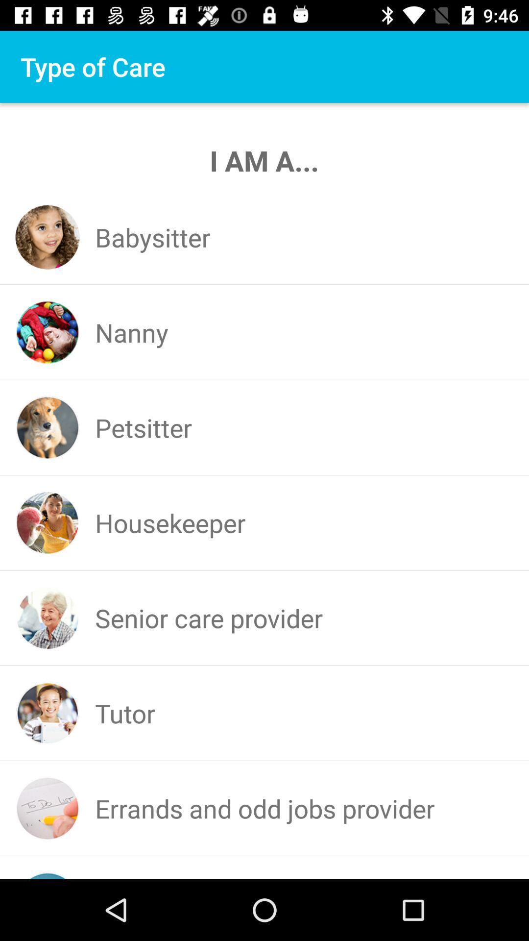  I want to click on the image which is left to text housekeeper, so click(48, 522).